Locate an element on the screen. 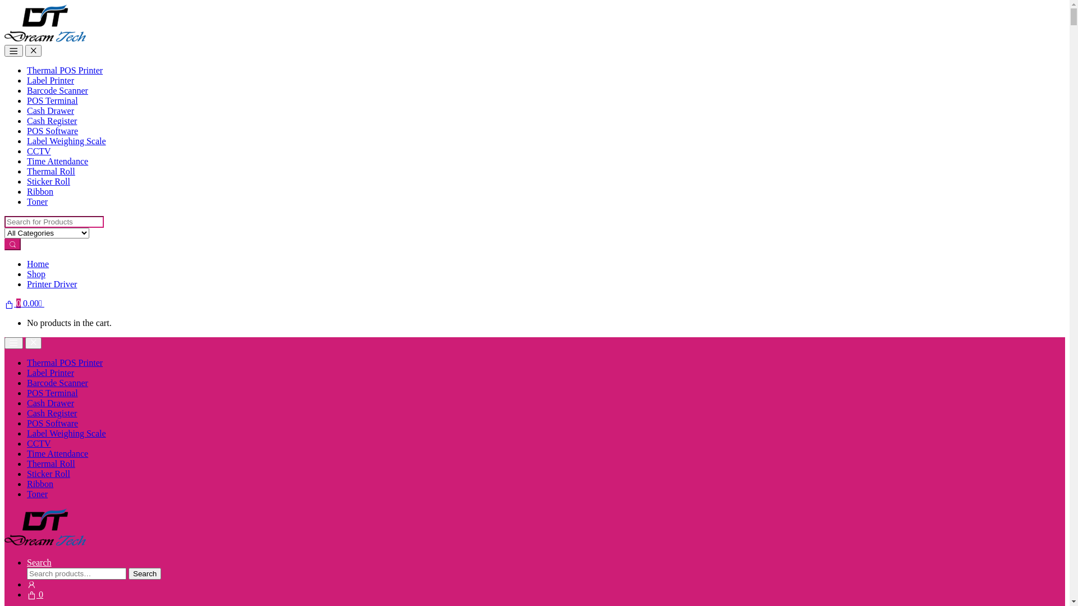 This screenshot has width=1078, height=606. 'Barcode Scanner' is located at coordinates (57, 382).